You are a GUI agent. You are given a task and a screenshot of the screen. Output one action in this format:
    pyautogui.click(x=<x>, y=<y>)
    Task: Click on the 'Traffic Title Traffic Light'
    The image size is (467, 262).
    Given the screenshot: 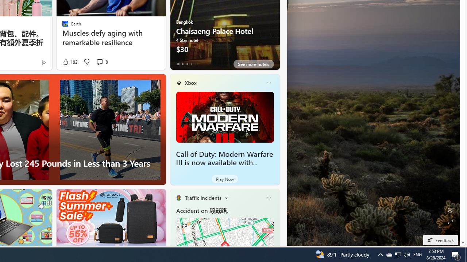 What is the action you would take?
    pyautogui.click(x=178, y=198)
    